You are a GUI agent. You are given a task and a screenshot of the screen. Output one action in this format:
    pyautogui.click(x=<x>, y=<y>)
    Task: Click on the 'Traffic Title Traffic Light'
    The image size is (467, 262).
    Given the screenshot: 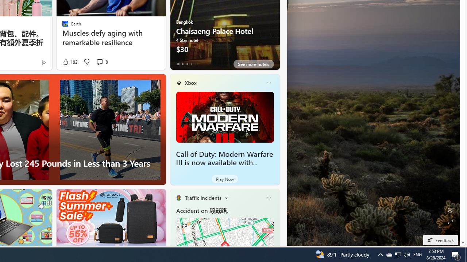 What is the action you would take?
    pyautogui.click(x=178, y=198)
    